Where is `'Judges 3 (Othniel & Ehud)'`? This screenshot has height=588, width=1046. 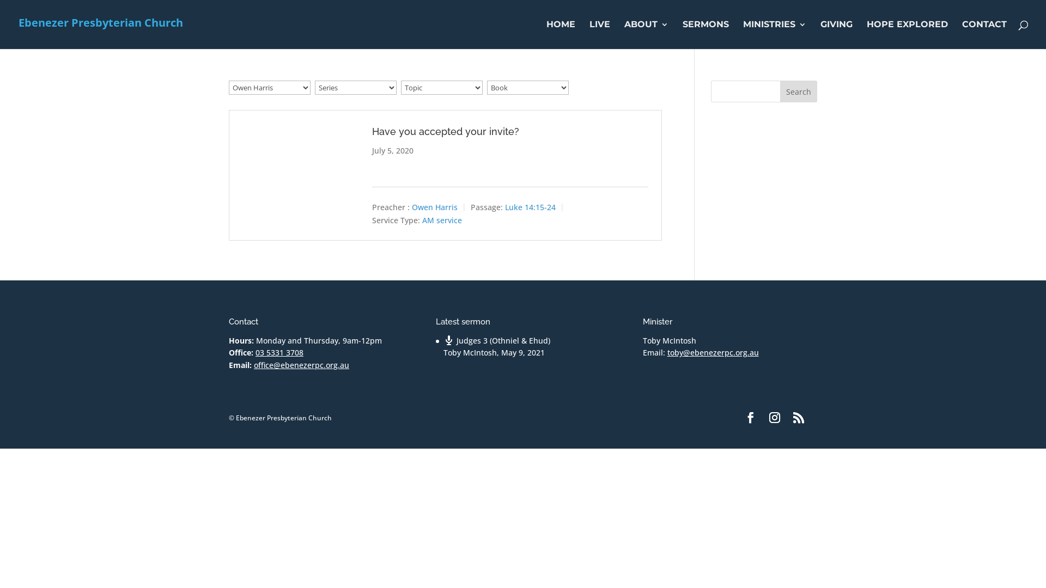 'Judges 3 (Othniel & Ehud)' is located at coordinates (443, 340).